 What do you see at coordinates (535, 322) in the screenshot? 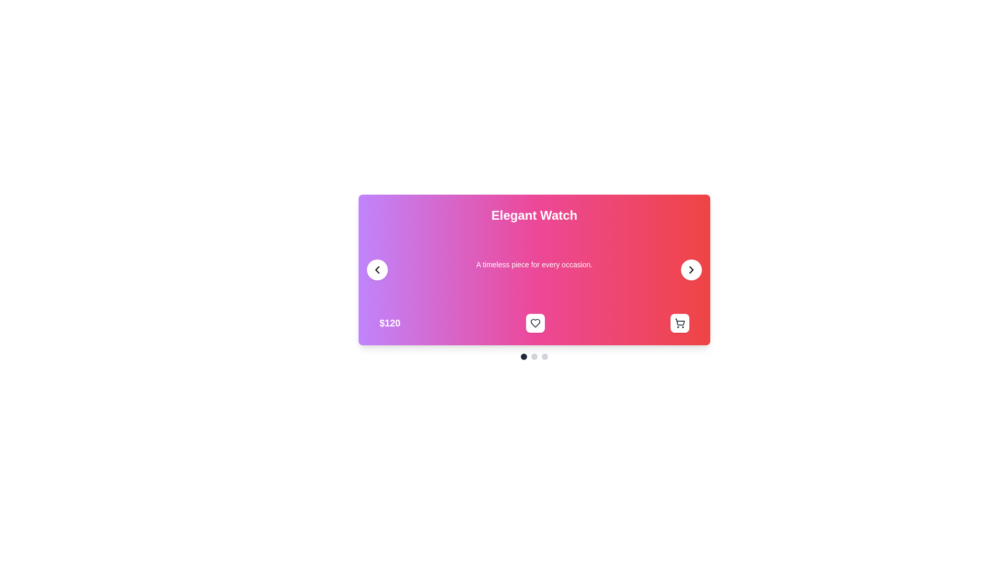
I see `the heart button located at the bottom center of the card layout, positioned directly to the right of the text '$120' and to the left of the shopping cart button, to mark an item as a favorite` at bounding box center [535, 322].